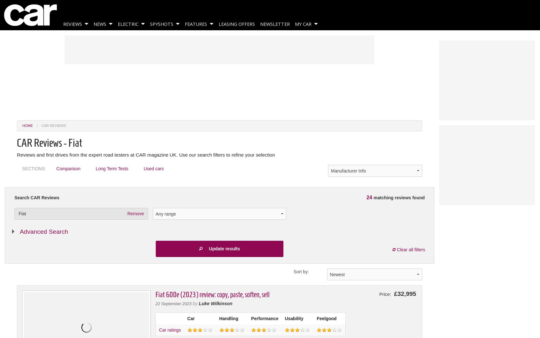 This screenshot has width=540, height=338. Describe the element at coordinates (196, 24) in the screenshot. I see `'Features'` at that location.